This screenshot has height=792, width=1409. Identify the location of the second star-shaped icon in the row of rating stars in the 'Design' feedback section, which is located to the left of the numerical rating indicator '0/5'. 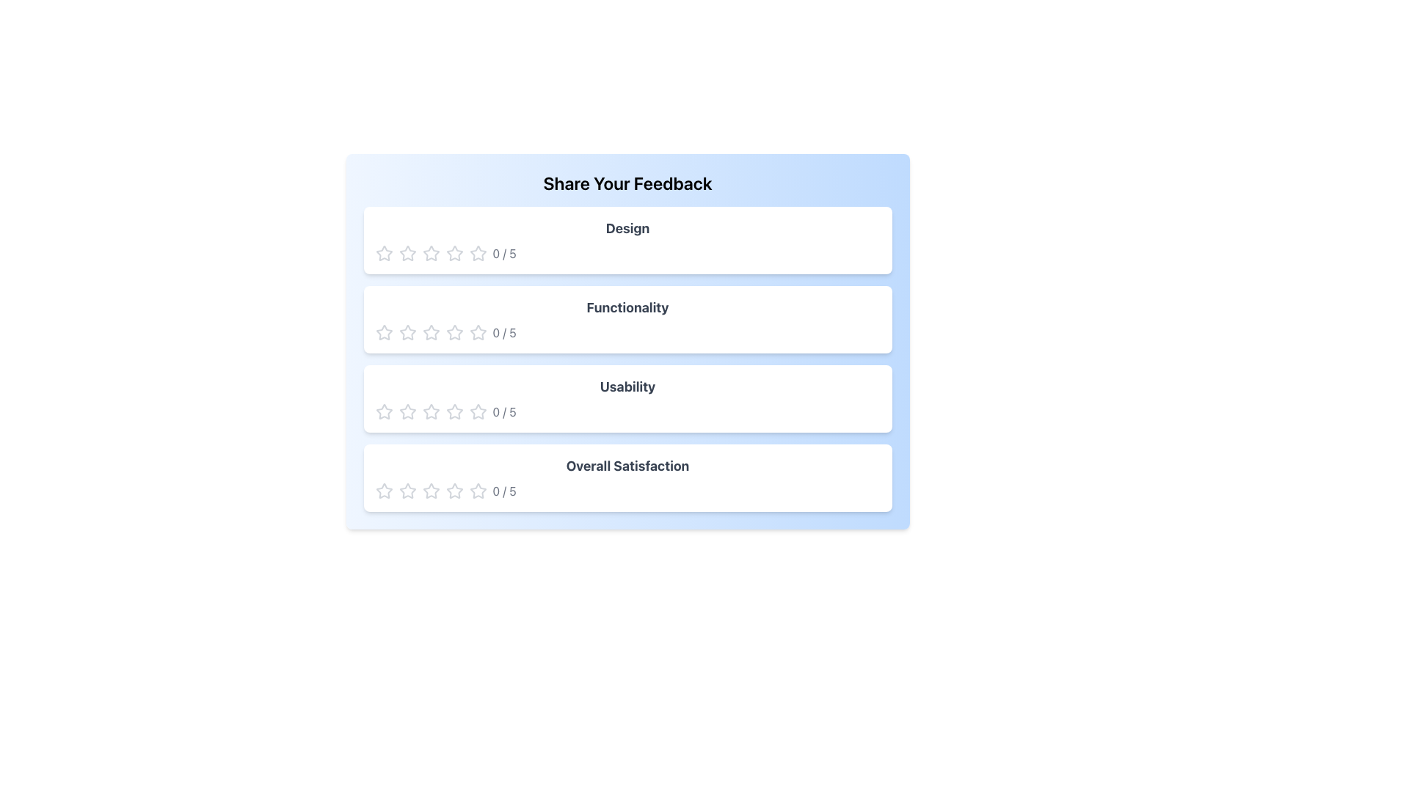
(407, 252).